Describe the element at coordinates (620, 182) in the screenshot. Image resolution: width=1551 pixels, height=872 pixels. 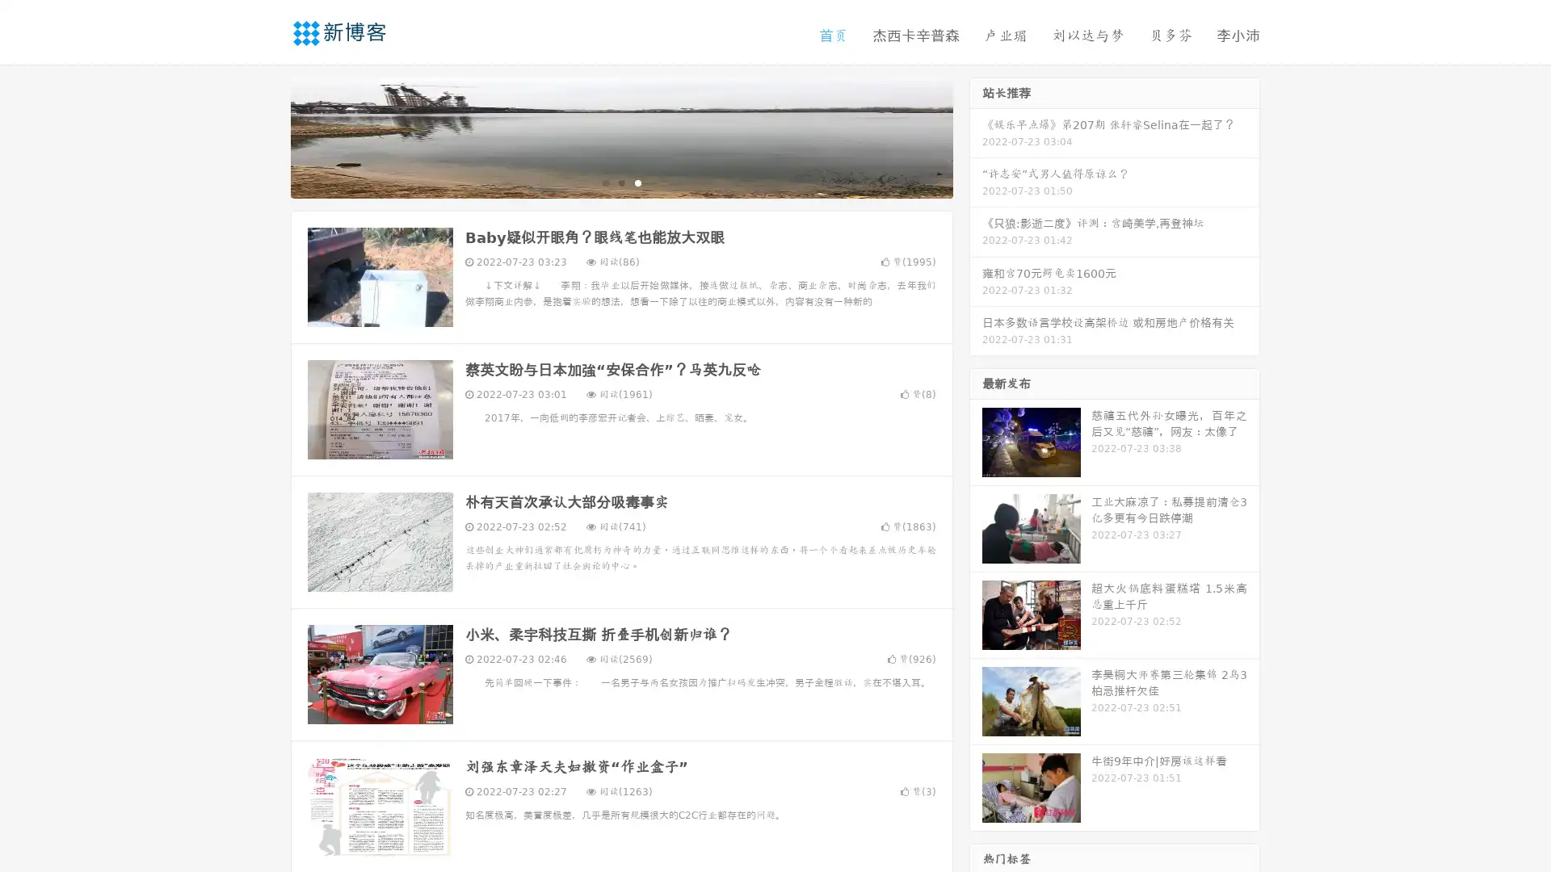
I see `Go to slide 2` at that location.